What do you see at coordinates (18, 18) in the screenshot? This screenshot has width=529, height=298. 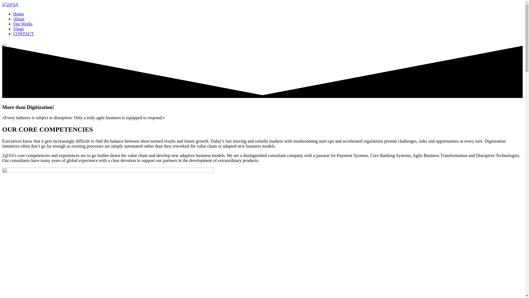 I see `'About'` at bounding box center [18, 18].